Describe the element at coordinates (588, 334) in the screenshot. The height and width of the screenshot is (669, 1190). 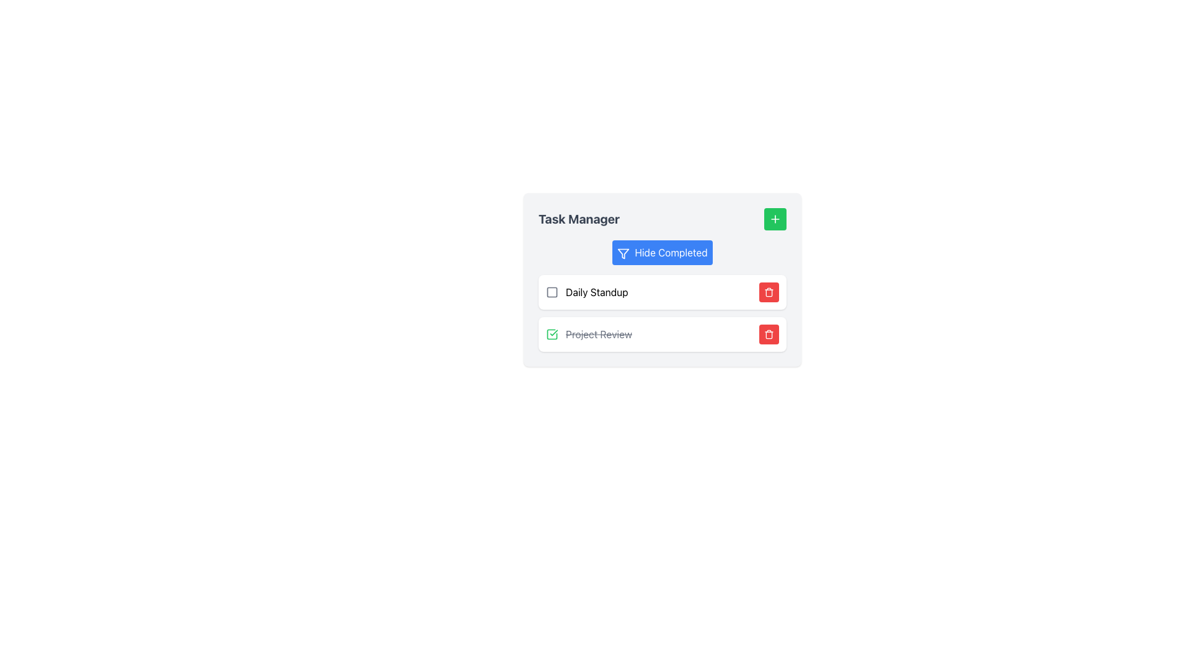
I see `the label with the associated status icon representing a completed task in the task manager interface, located beneath the 'Daily Standup' item` at that location.